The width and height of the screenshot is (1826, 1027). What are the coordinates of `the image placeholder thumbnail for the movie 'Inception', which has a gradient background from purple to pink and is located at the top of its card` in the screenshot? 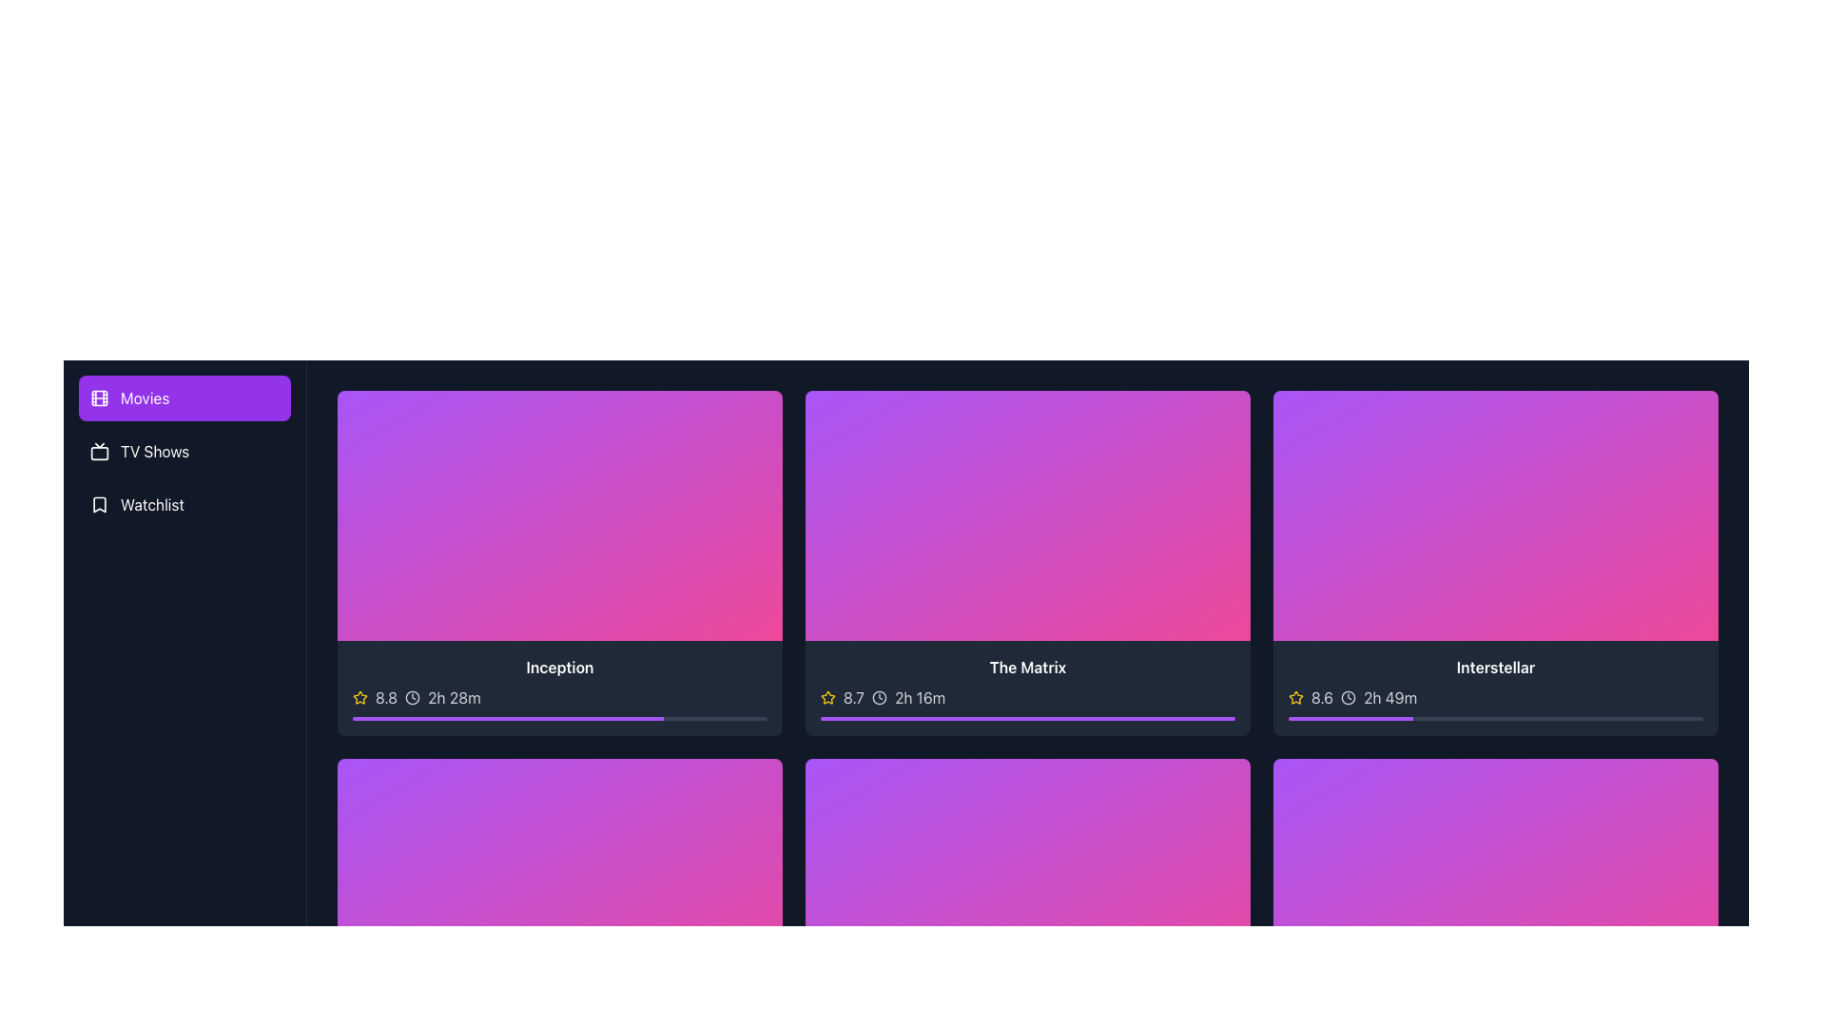 It's located at (559, 515).